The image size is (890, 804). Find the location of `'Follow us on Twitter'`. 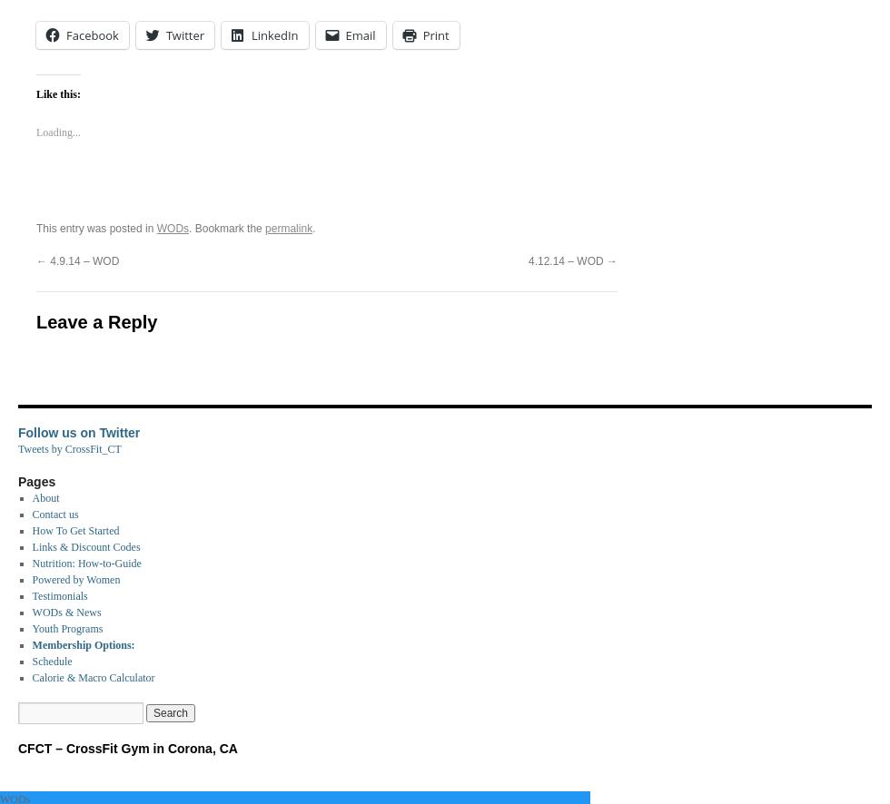

'Follow us on Twitter' is located at coordinates (17, 433).